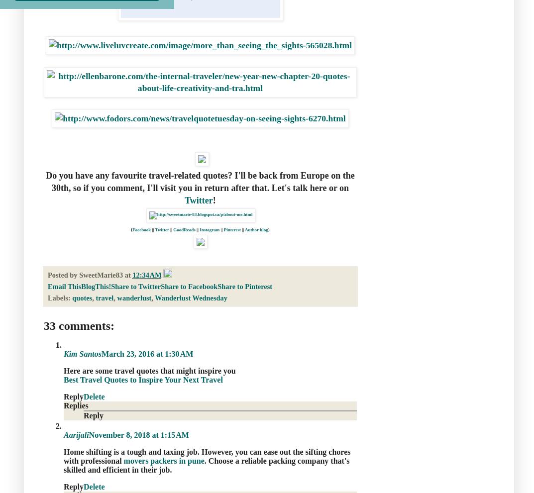  I want to click on 'Facebook', so click(141, 229).